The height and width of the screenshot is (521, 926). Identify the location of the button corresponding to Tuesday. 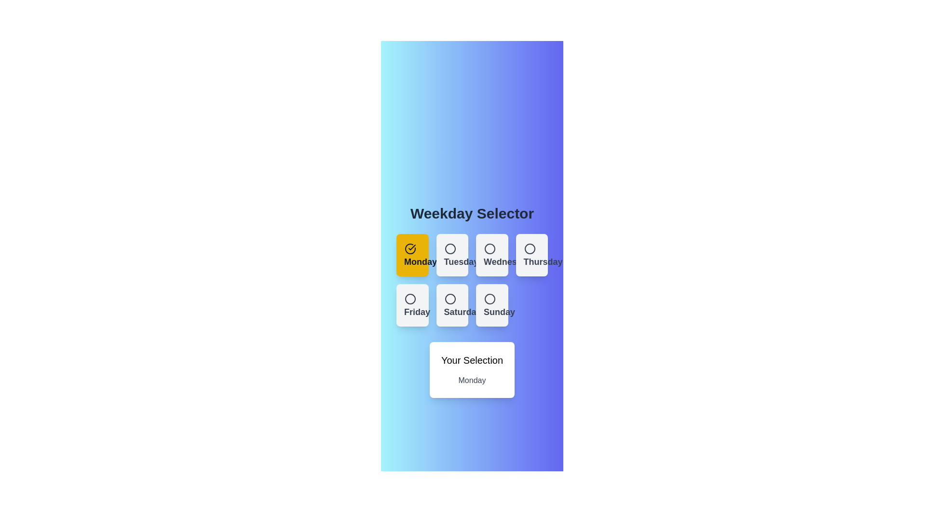
(451, 254).